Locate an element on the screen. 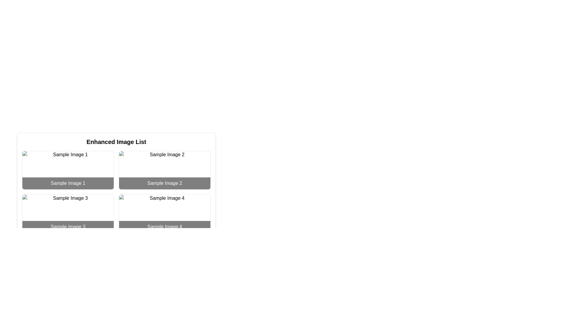 This screenshot has height=322, width=573. image placeholder labeled 'Sample Image 4' visually by hovering over it to see the responsive scaling effect is located at coordinates (165, 213).